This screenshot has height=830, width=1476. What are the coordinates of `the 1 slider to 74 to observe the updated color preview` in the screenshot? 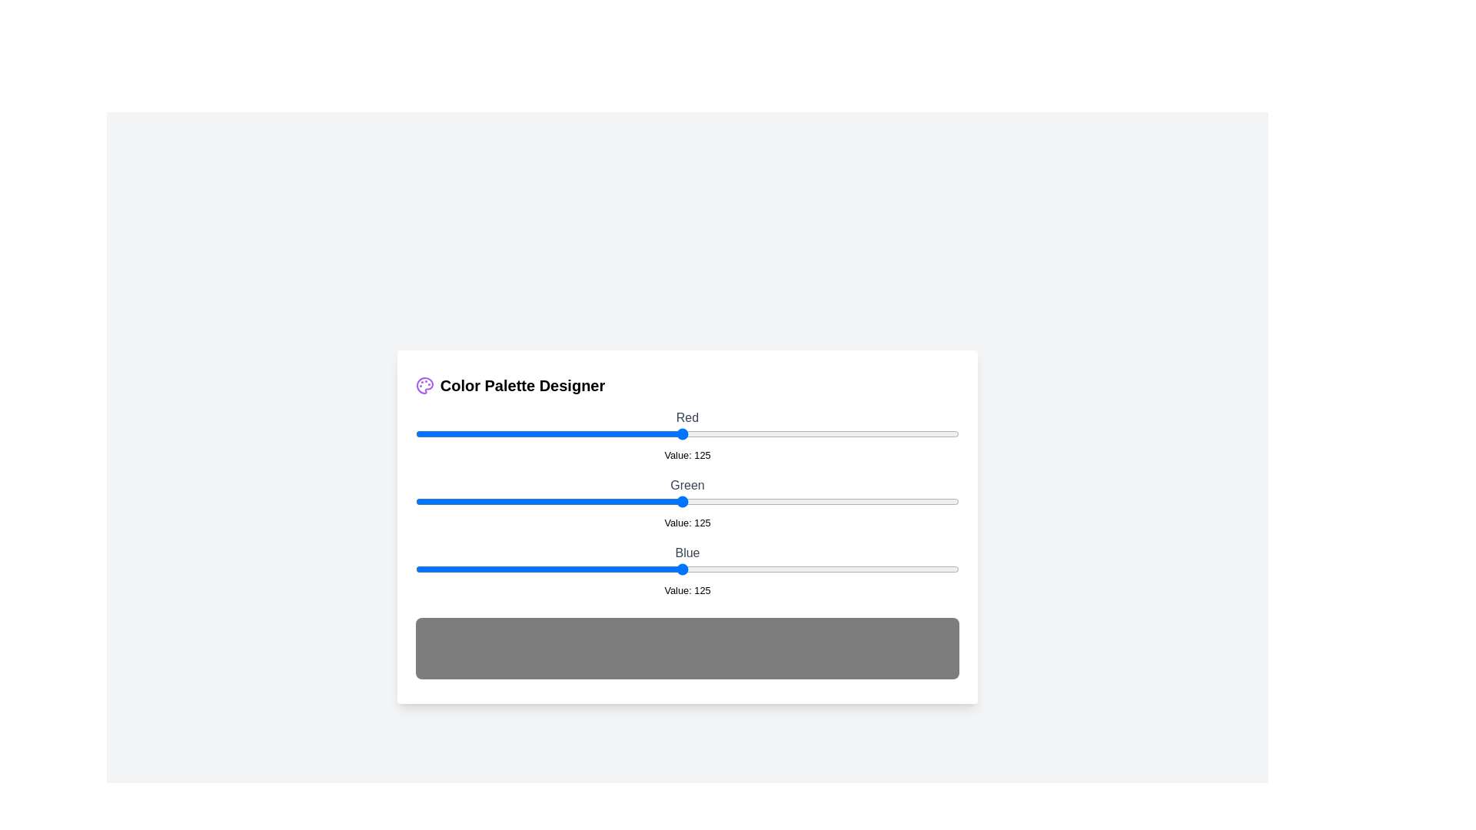 It's located at (573, 501).